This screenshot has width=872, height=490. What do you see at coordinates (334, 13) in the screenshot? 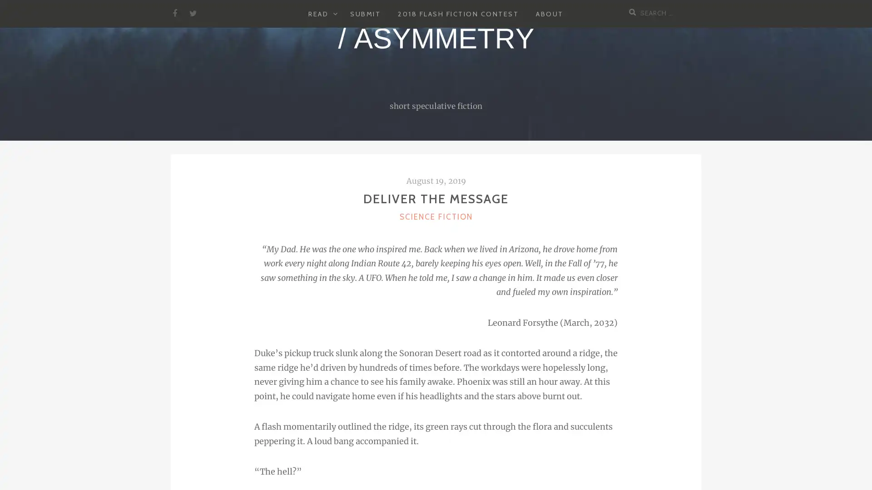
I see `EXPAND CHILD MENU` at bounding box center [334, 13].